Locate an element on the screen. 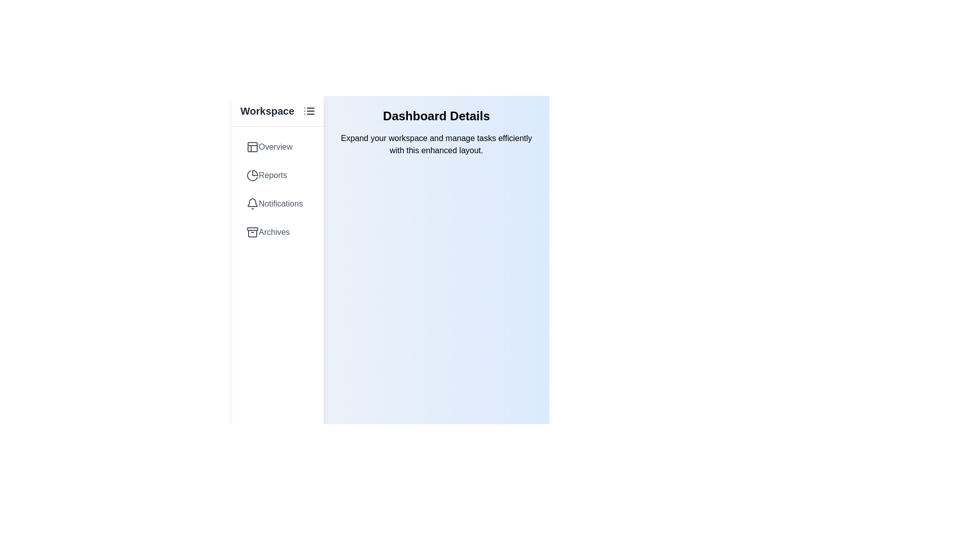 The height and width of the screenshot is (548, 974). button with the list icon to toggle the drawer's visibility is located at coordinates (308, 111).